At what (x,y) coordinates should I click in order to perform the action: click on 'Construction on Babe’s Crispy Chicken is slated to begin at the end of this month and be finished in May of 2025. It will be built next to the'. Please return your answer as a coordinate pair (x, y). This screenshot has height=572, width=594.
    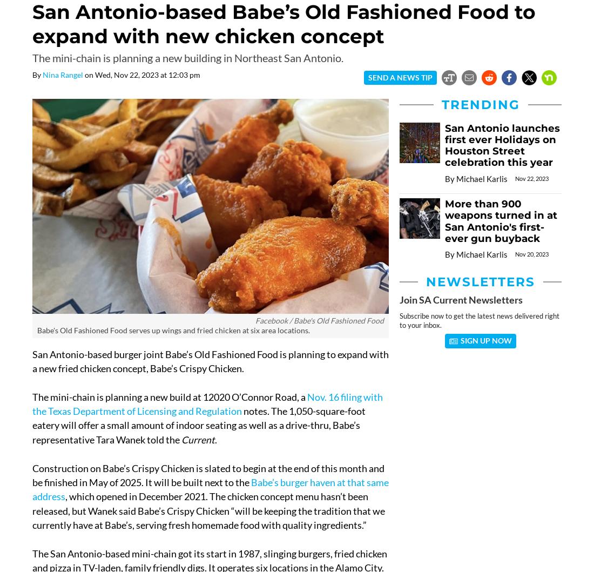
    Looking at the image, I should click on (208, 475).